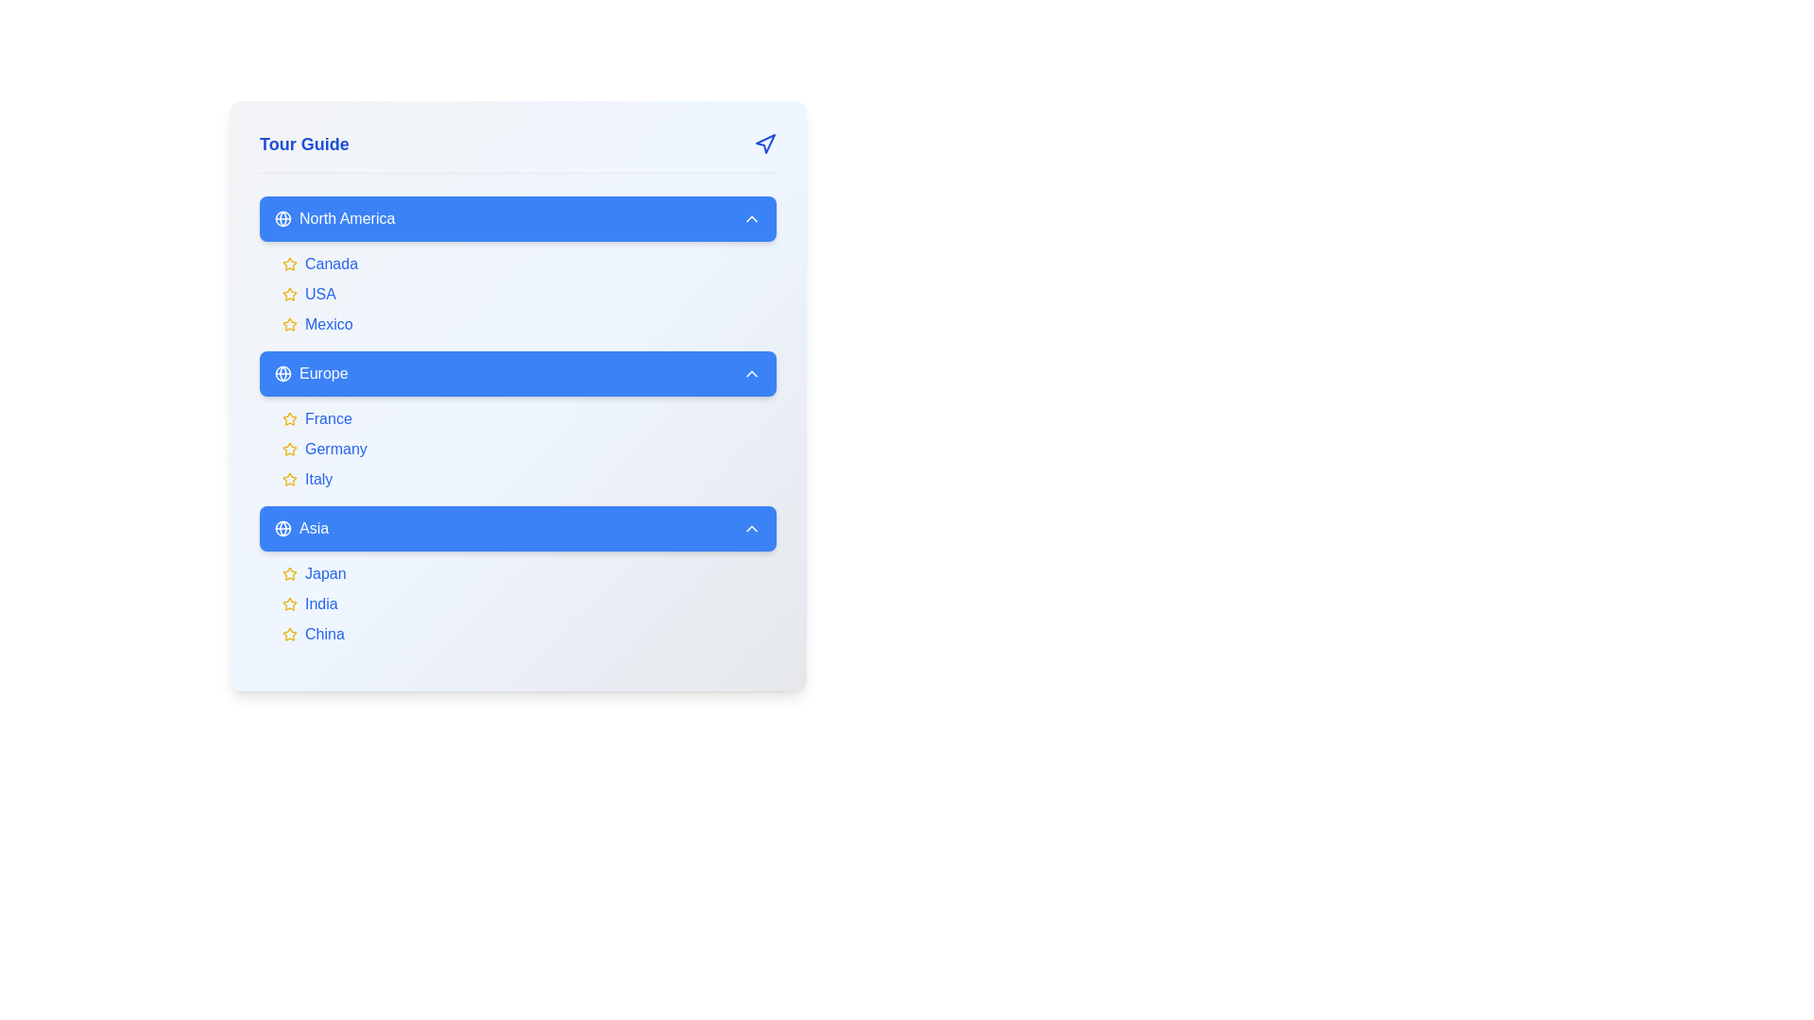 This screenshot has height=1020, width=1814. What do you see at coordinates (289, 604) in the screenshot?
I see `the star icon that indicates a favorite or highlighted status for the entry labeled 'India', which is located in the list under the 'Asia' header` at bounding box center [289, 604].